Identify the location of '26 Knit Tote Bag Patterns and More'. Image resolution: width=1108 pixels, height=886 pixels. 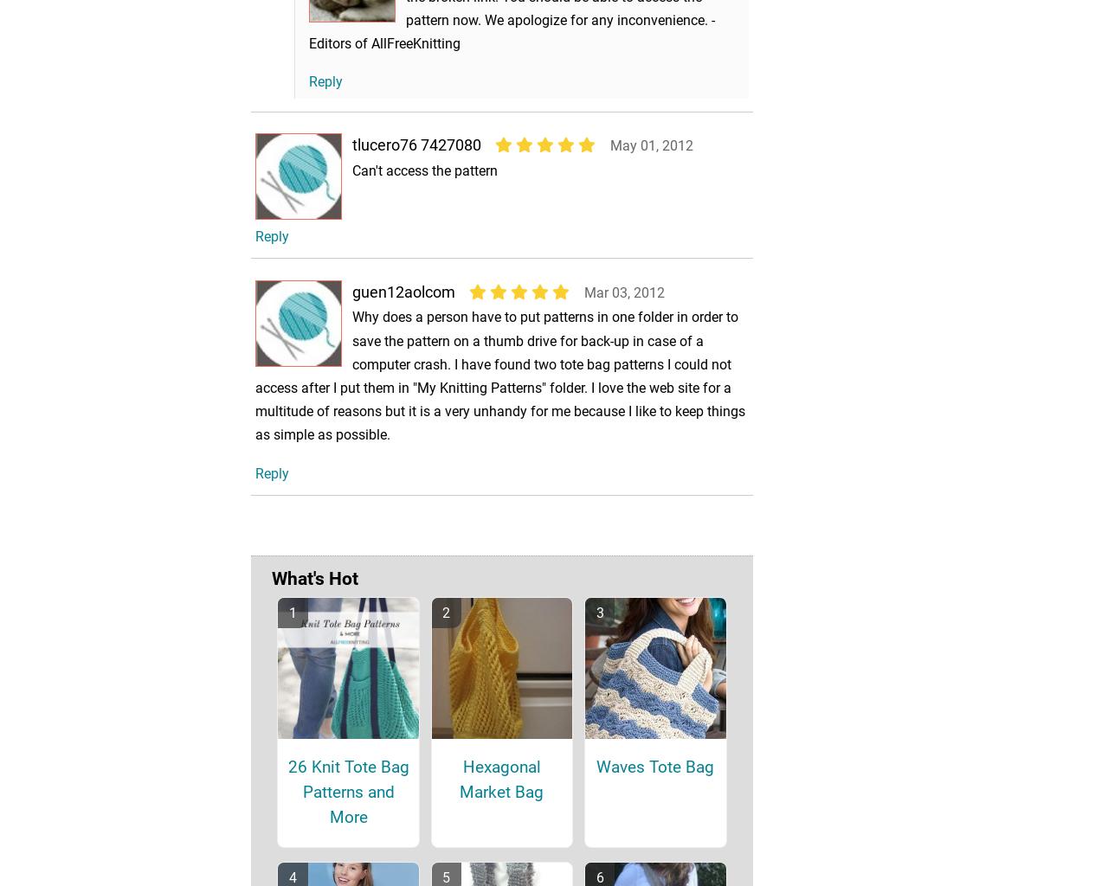
(347, 816).